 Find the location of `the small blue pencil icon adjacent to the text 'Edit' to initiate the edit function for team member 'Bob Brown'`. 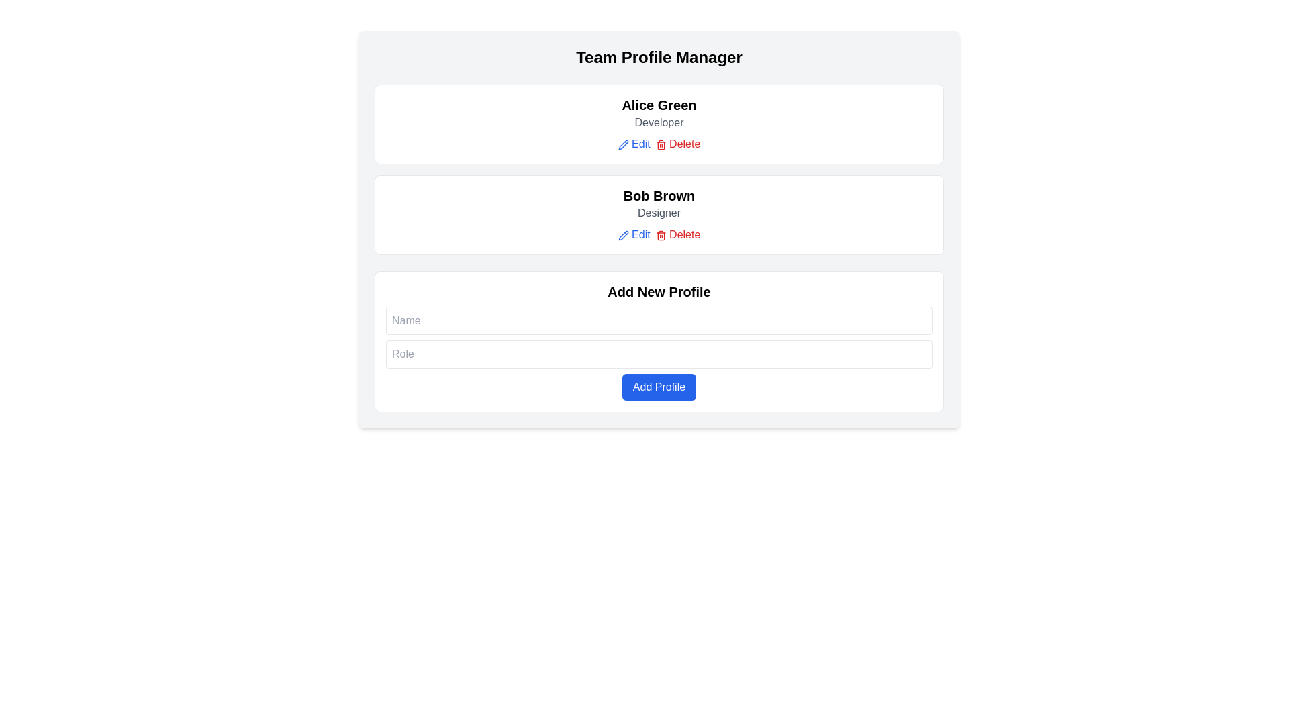

the small blue pencil icon adjacent to the text 'Edit' to initiate the edit function for team member 'Bob Brown' is located at coordinates (622, 234).